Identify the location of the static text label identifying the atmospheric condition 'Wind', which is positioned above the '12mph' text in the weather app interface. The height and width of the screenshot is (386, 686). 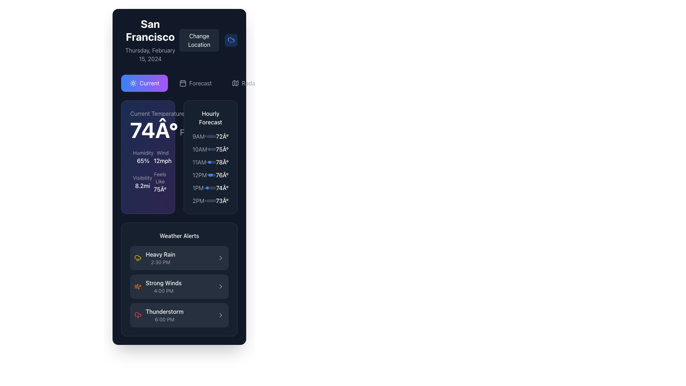
(162, 153).